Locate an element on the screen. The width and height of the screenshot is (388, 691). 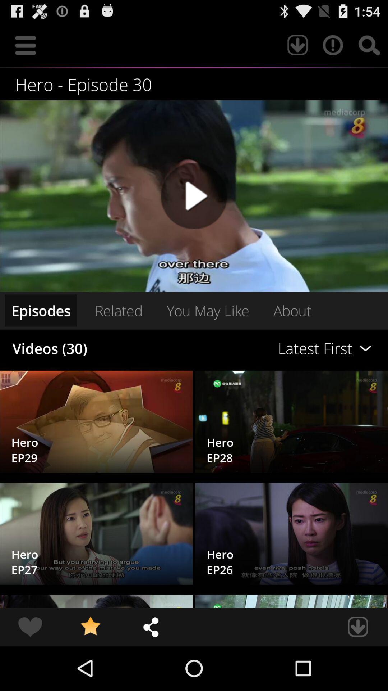
the item above hero - episode 30 item is located at coordinates (369, 45).